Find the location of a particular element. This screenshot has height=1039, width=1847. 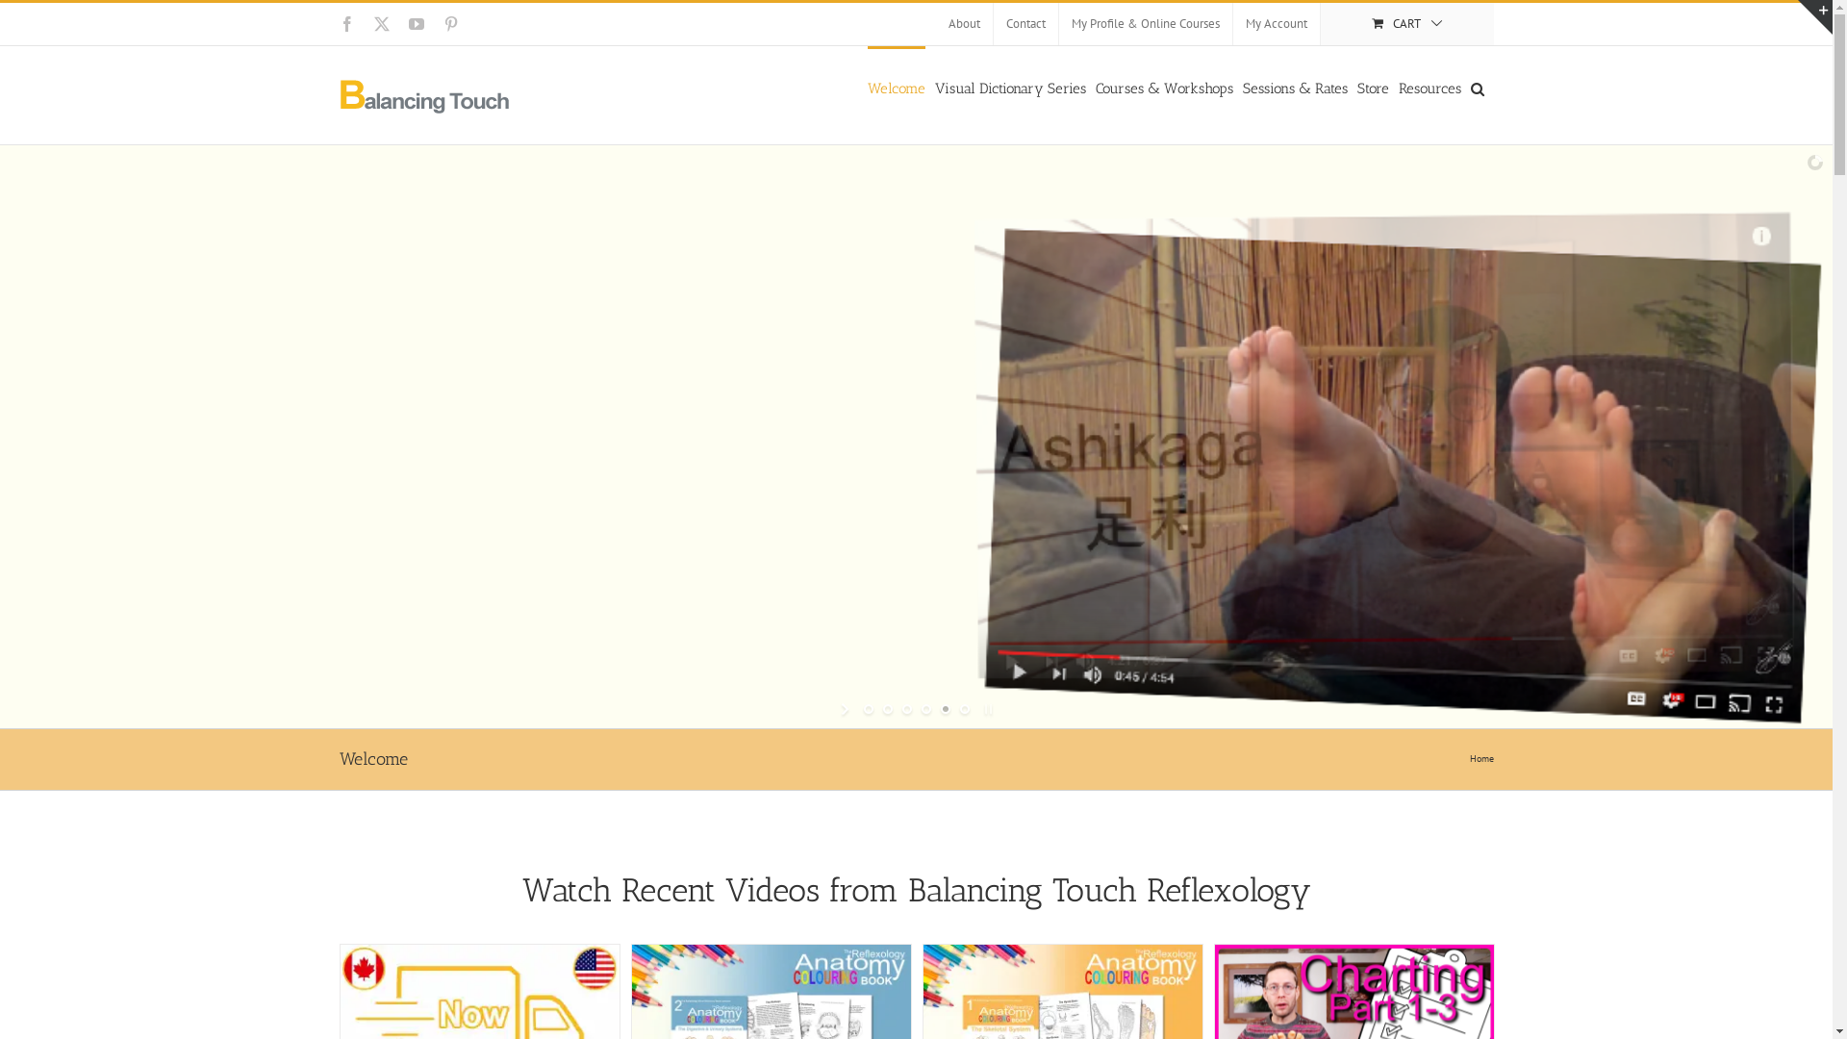

'My Account' is located at coordinates (1232, 23).